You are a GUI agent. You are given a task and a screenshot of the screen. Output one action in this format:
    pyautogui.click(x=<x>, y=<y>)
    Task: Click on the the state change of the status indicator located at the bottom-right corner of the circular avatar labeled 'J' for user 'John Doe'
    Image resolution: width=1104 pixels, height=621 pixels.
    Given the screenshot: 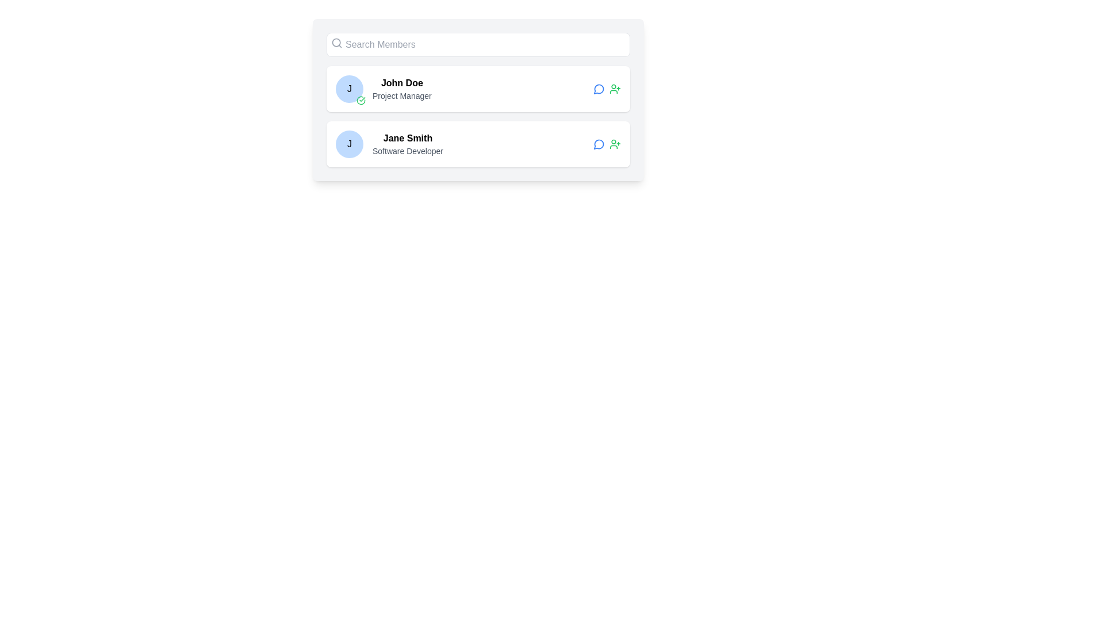 What is the action you would take?
    pyautogui.click(x=361, y=99)
    